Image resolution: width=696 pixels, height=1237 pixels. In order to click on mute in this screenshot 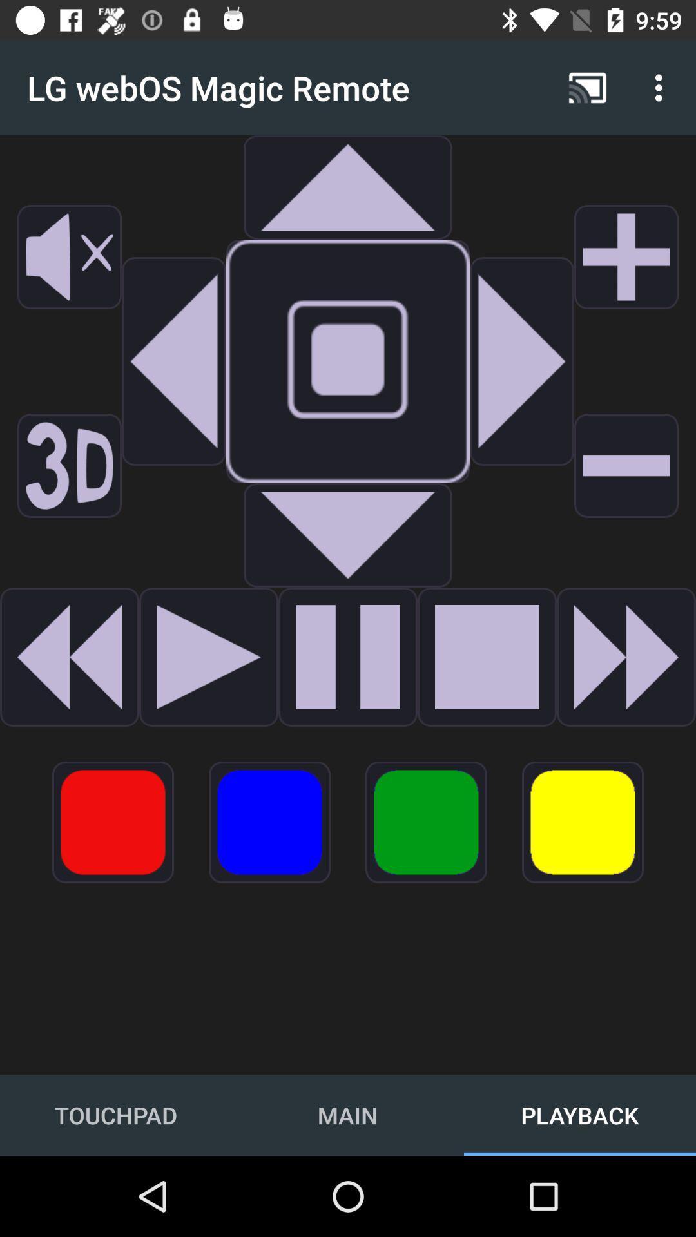, I will do `click(70, 256)`.